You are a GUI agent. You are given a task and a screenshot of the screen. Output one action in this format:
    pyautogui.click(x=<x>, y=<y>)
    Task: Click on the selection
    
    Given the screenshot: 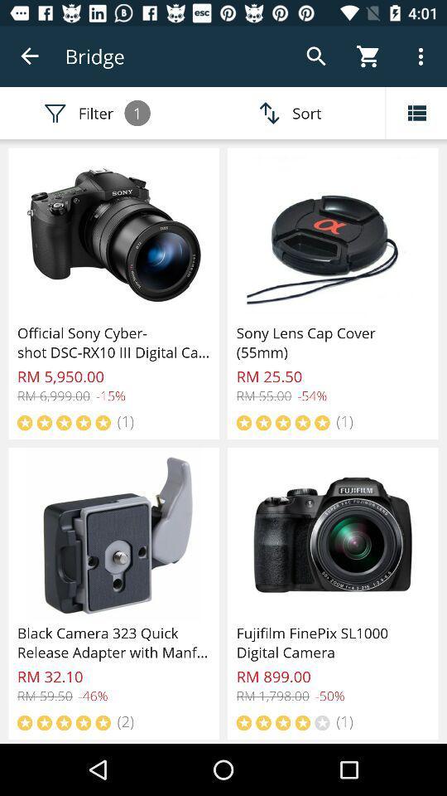 What is the action you would take?
    pyautogui.click(x=416, y=112)
    